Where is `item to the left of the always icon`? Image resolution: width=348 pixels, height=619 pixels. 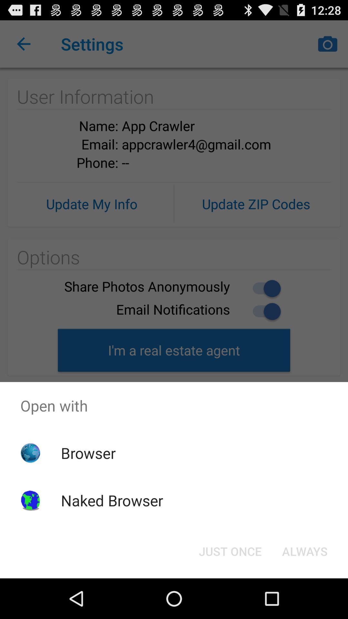 item to the left of the always icon is located at coordinates (230, 551).